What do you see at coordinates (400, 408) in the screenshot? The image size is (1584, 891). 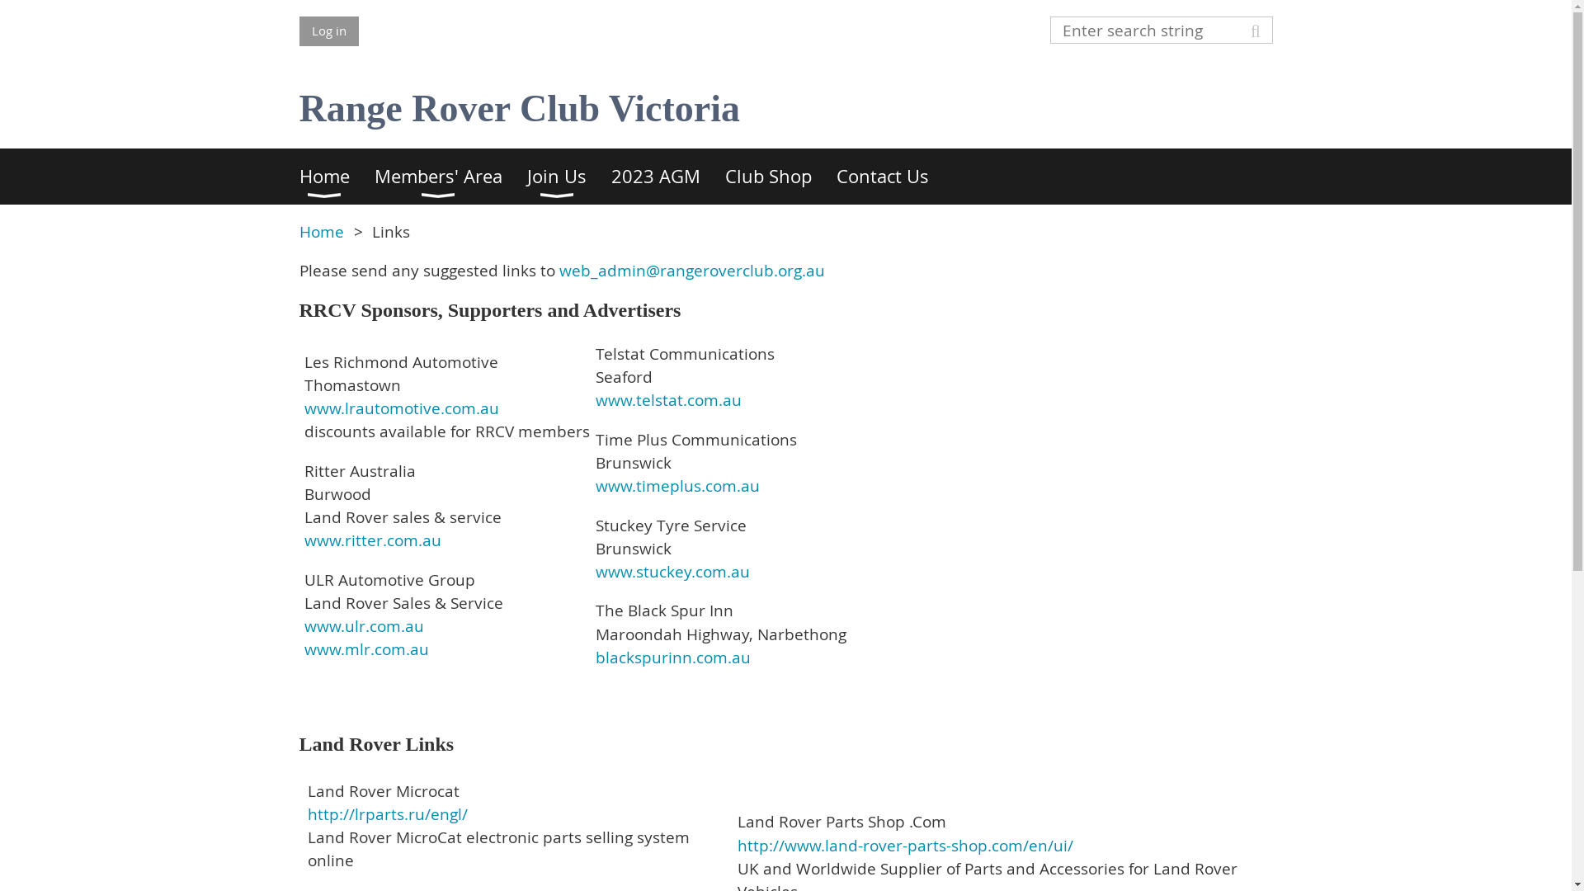 I see `'www.lrautomotive.com.au'` at bounding box center [400, 408].